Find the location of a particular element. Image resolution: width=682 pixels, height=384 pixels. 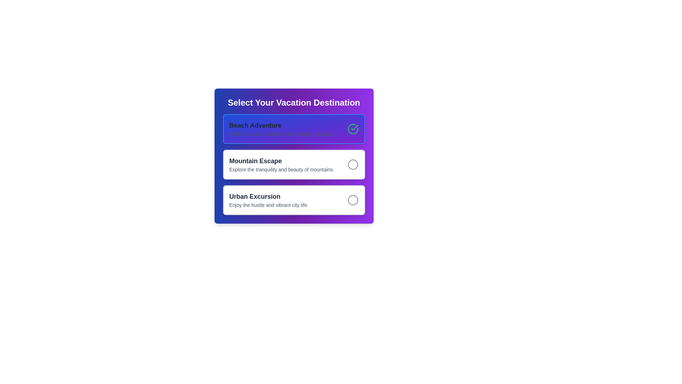

information displayed in the text block for the 'Urban Excursion' vacation option, which is the third option in the list is located at coordinates (269, 200).